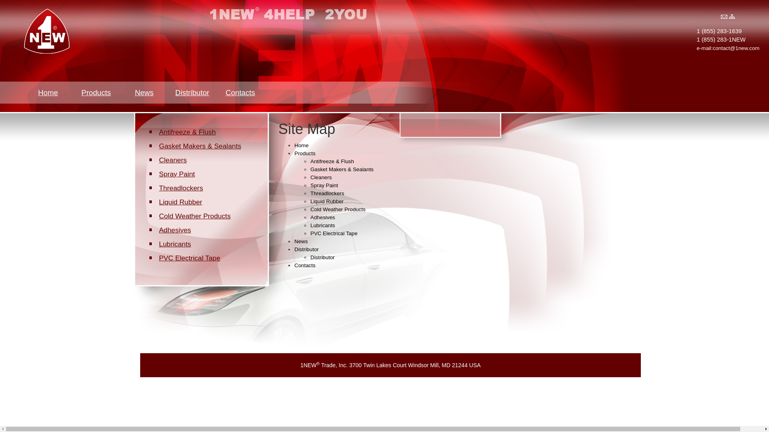 The width and height of the screenshot is (769, 432). What do you see at coordinates (156, 146) in the screenshot?
I see `'Gasket Makers & Sealants'` at bounding box center [156, 146].